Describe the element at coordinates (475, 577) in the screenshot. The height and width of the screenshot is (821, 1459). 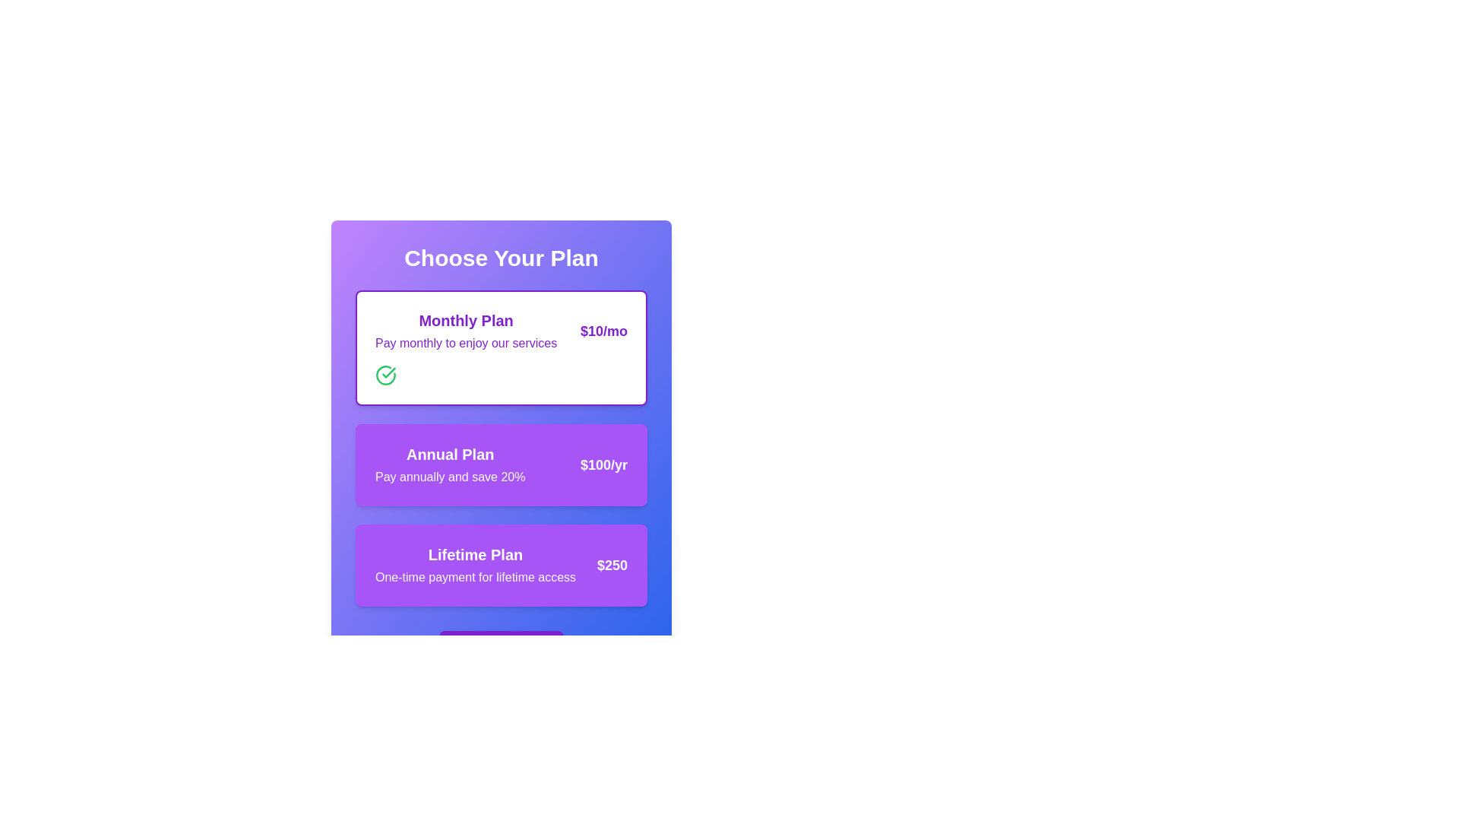
I see `the text component that states 'One-time payment for lifetime access.' which is located below the bold title 'Lifetime Plan' on a purple background` at that location.